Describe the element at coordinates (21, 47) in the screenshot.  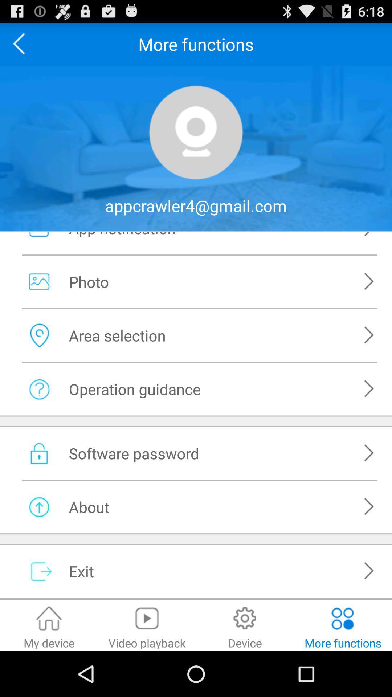
I see `the arrow_backward icon` at that location.